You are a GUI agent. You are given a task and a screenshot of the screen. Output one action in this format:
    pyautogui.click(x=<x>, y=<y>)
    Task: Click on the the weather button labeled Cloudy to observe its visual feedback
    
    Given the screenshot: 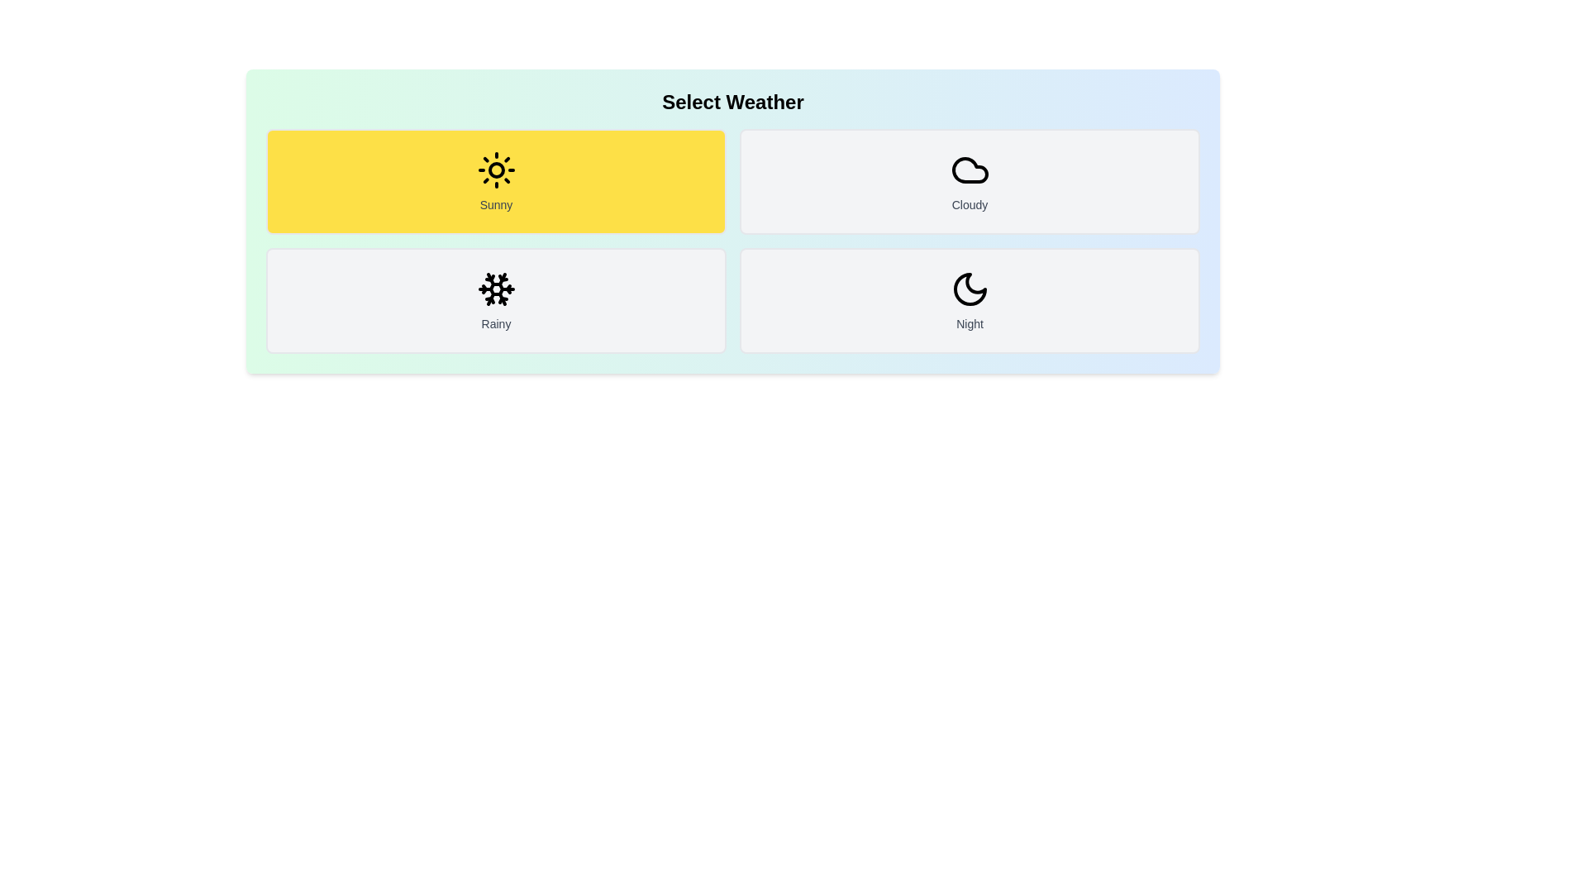 What is the action you would take?
    pyautogui.click(x=970, y=181)
    